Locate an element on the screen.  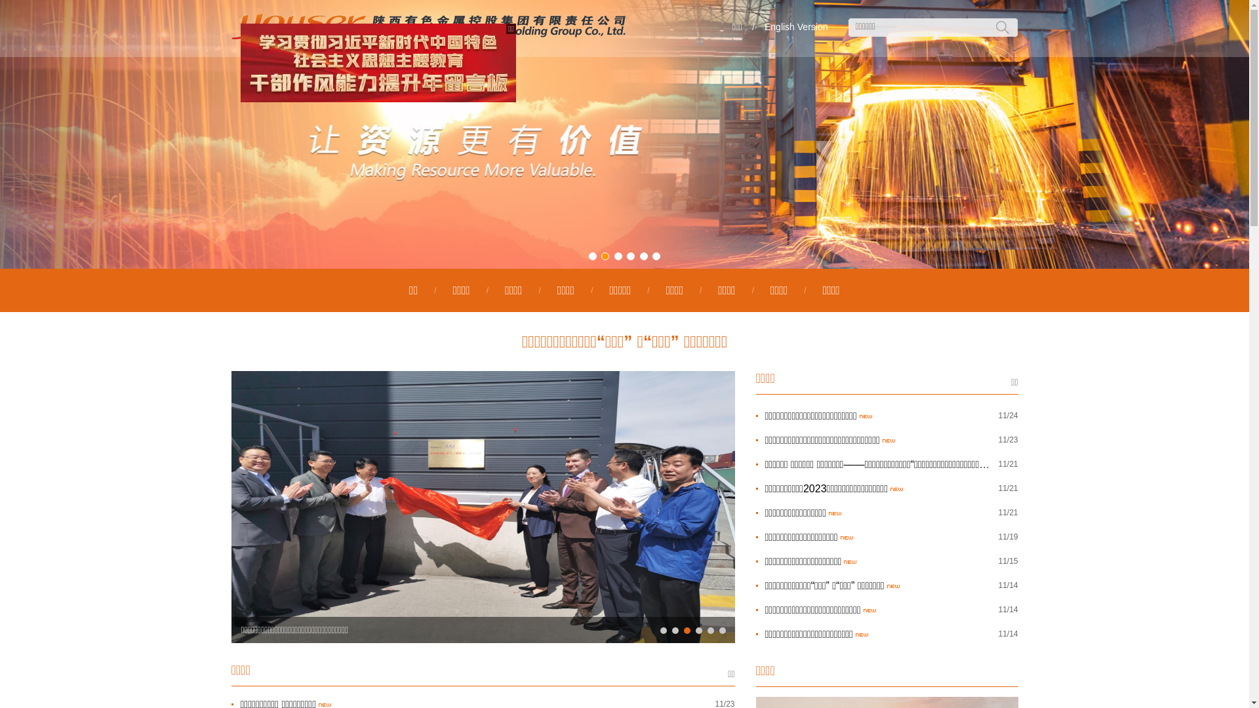
'English Version' is located at coordinates (795, 27).